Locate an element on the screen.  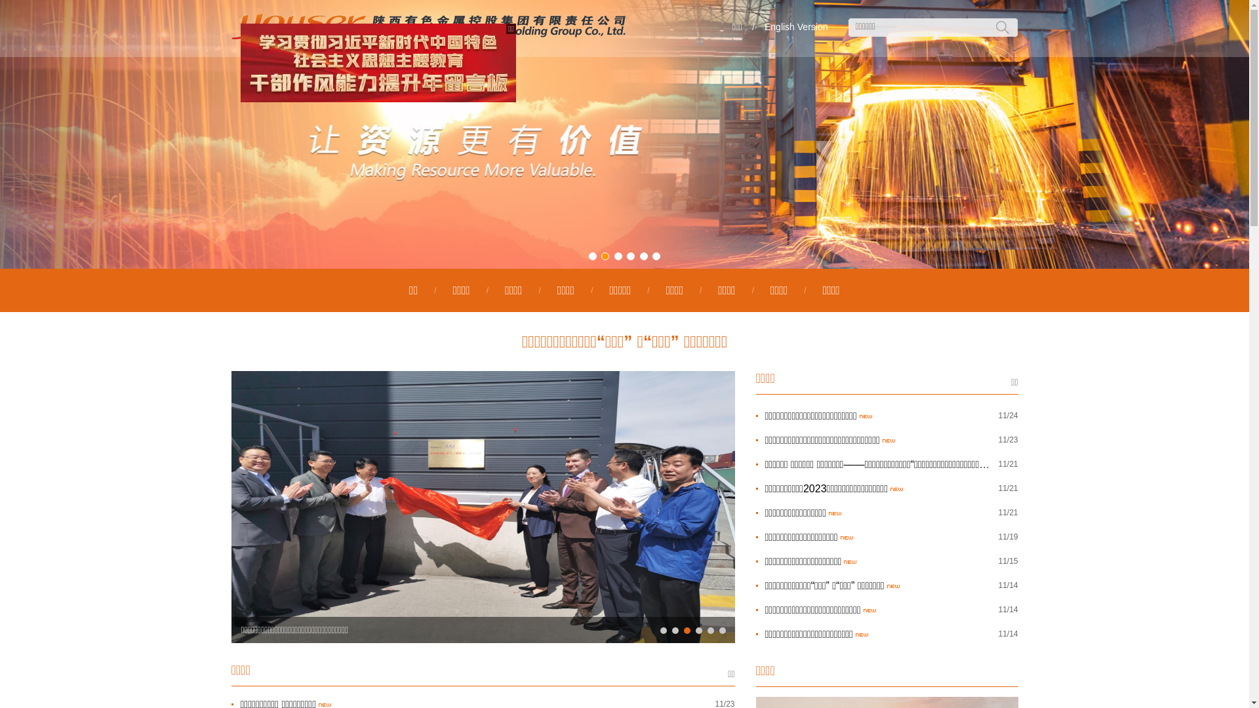
'English Version' is located at coordinates (795, 27).